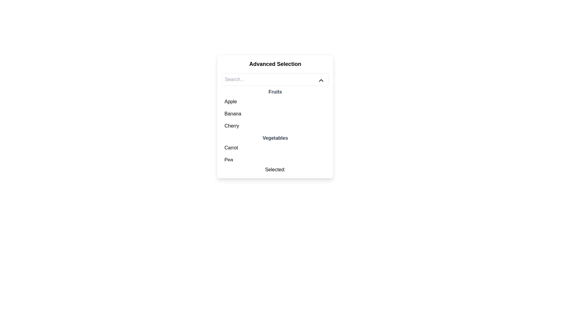 Image resolution: width=584 pixels, height=328 pixels. I want to click on the selectable list item labeled 'Banana', so click(275, 114).